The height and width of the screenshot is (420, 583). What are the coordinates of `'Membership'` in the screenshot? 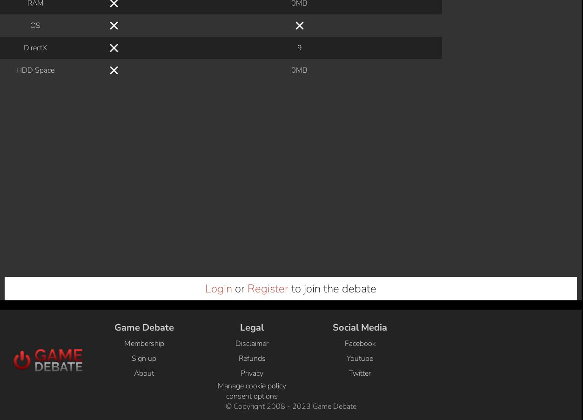 It's located at (124, 21).